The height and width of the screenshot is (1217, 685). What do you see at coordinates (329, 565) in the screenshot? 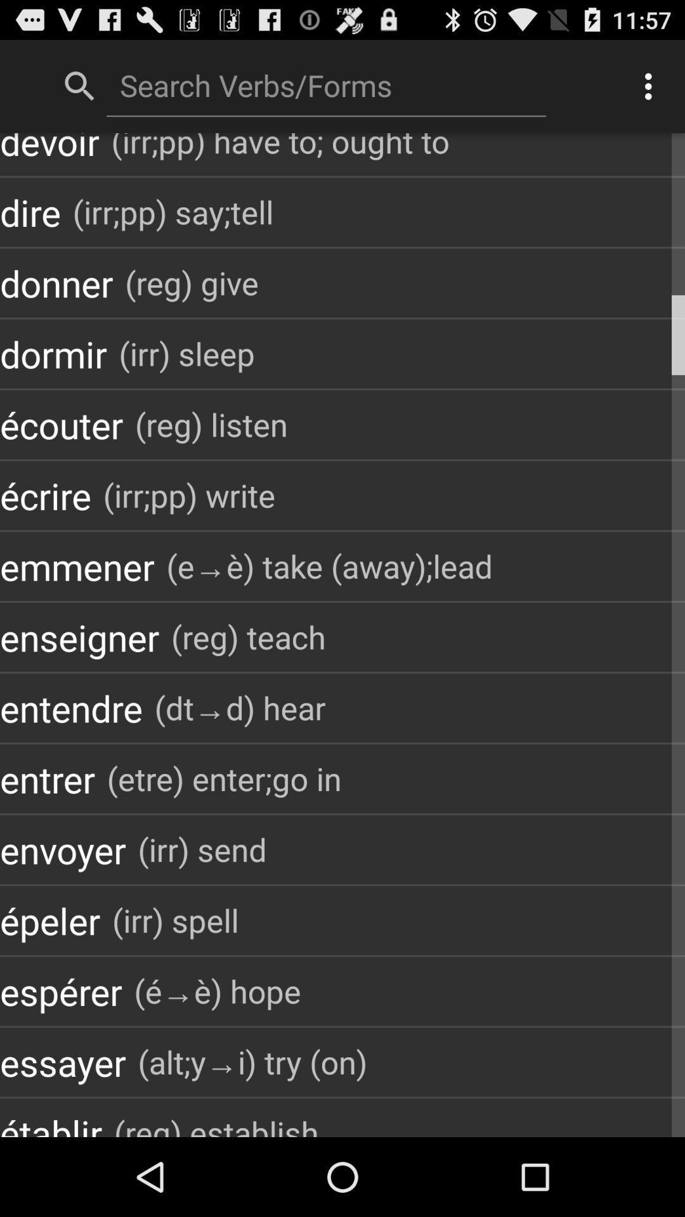
I see `the icon to the right of the emmener item` at bounding box center [329, 565].